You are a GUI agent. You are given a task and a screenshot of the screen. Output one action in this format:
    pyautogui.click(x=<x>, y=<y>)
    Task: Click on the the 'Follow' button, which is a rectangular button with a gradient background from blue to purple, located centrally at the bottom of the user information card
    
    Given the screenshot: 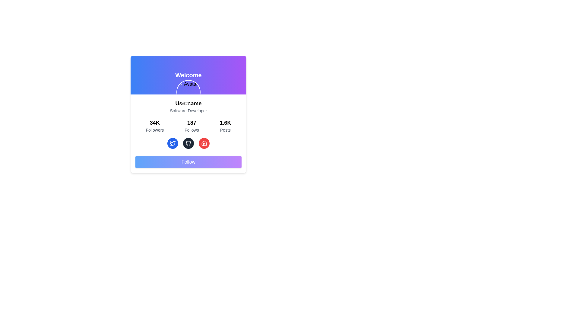 What is the action you would take?
    pyautogui.click(x=188, y=161)
    